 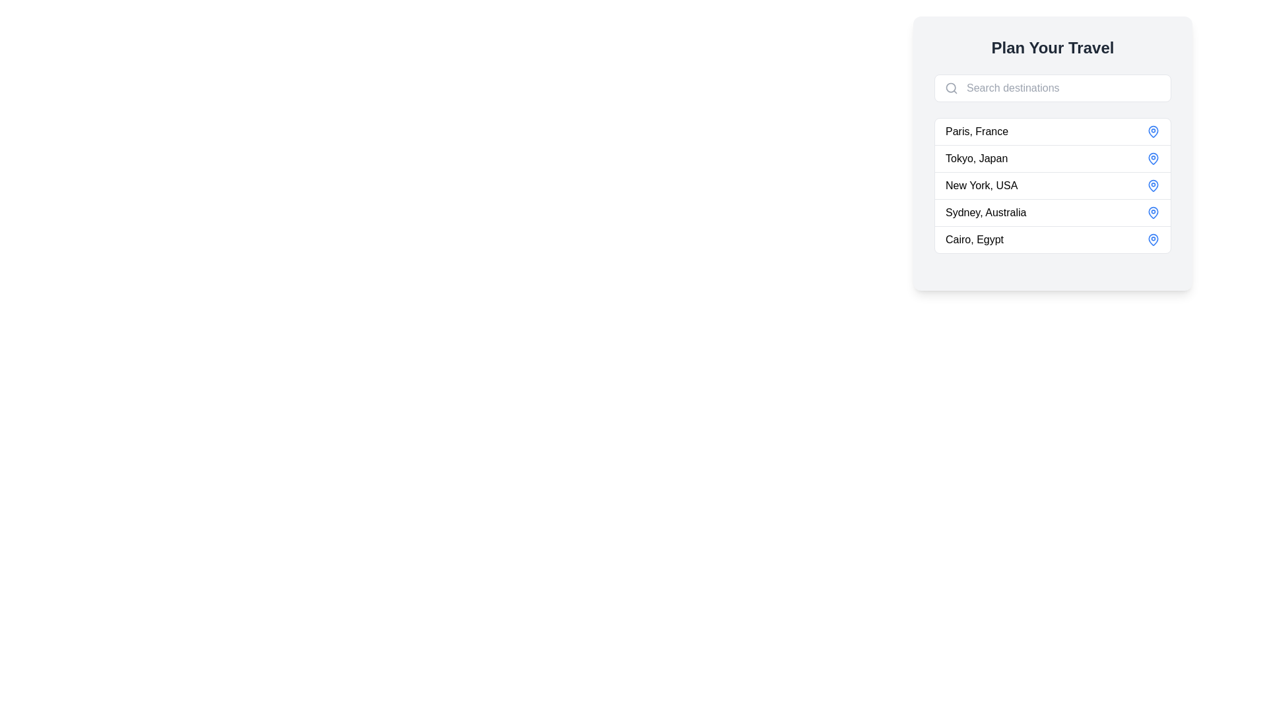 I want to click on the icon located to the right of the text 'Sydney, Australia', so click(x=1152, y=212).